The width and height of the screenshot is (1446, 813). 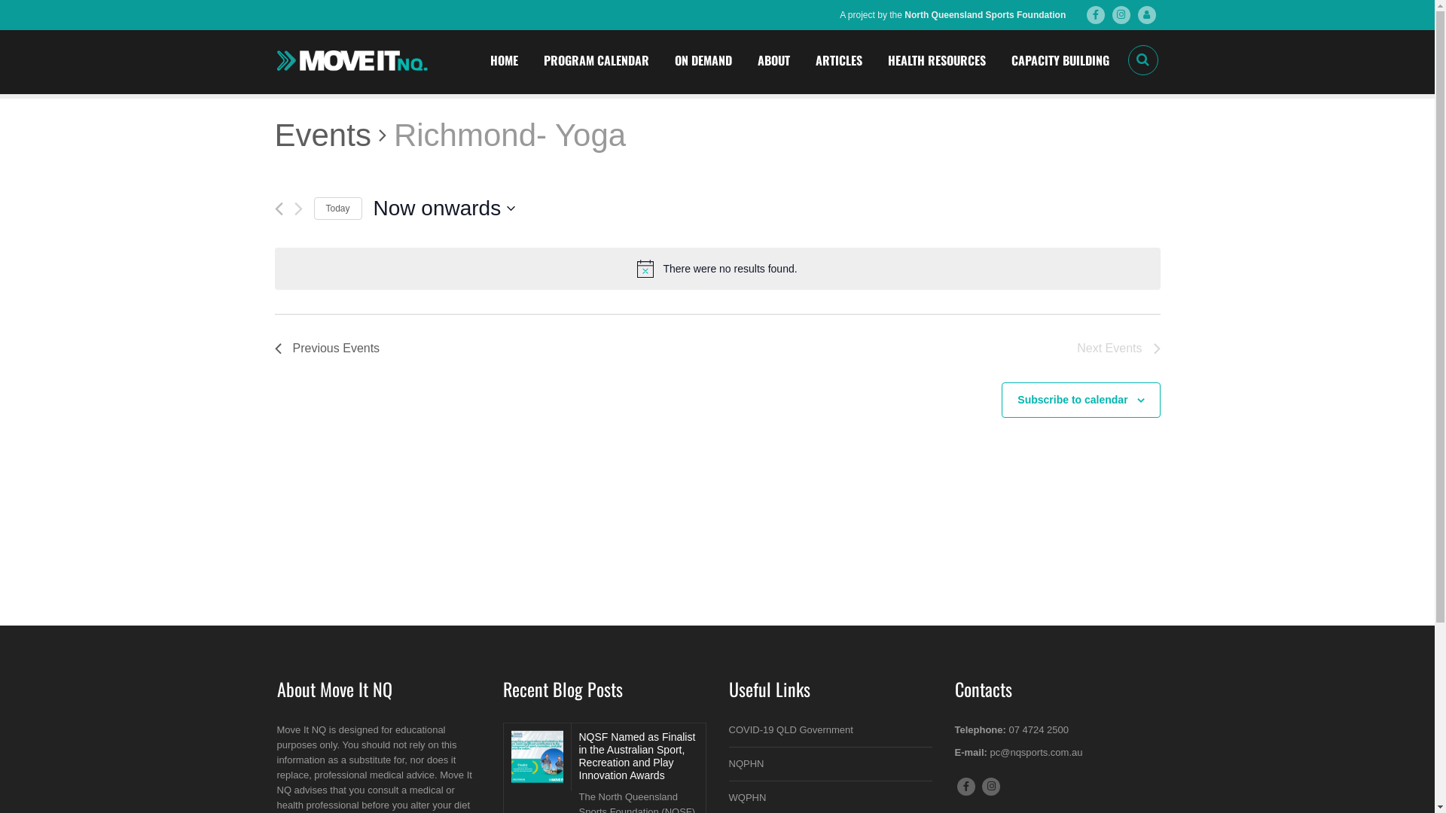 What do you see at coordinates (1118, 348) in the screenshot?
I see `'Next Events'` at bounding box center [1118, 348].